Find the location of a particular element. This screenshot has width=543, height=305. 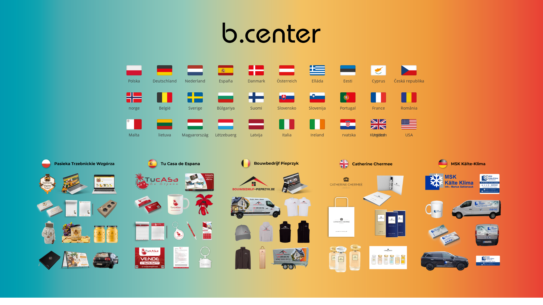

'France' is located at coordinates (378, 108).